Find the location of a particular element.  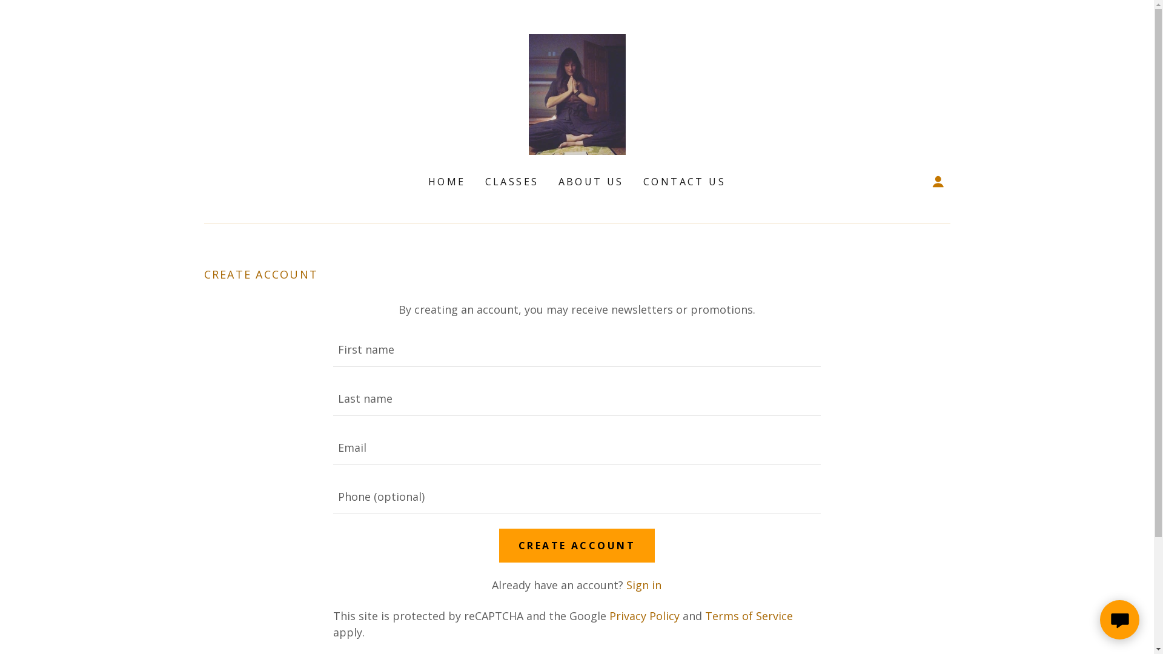

'HOME' is located at coordinates (446, 182).